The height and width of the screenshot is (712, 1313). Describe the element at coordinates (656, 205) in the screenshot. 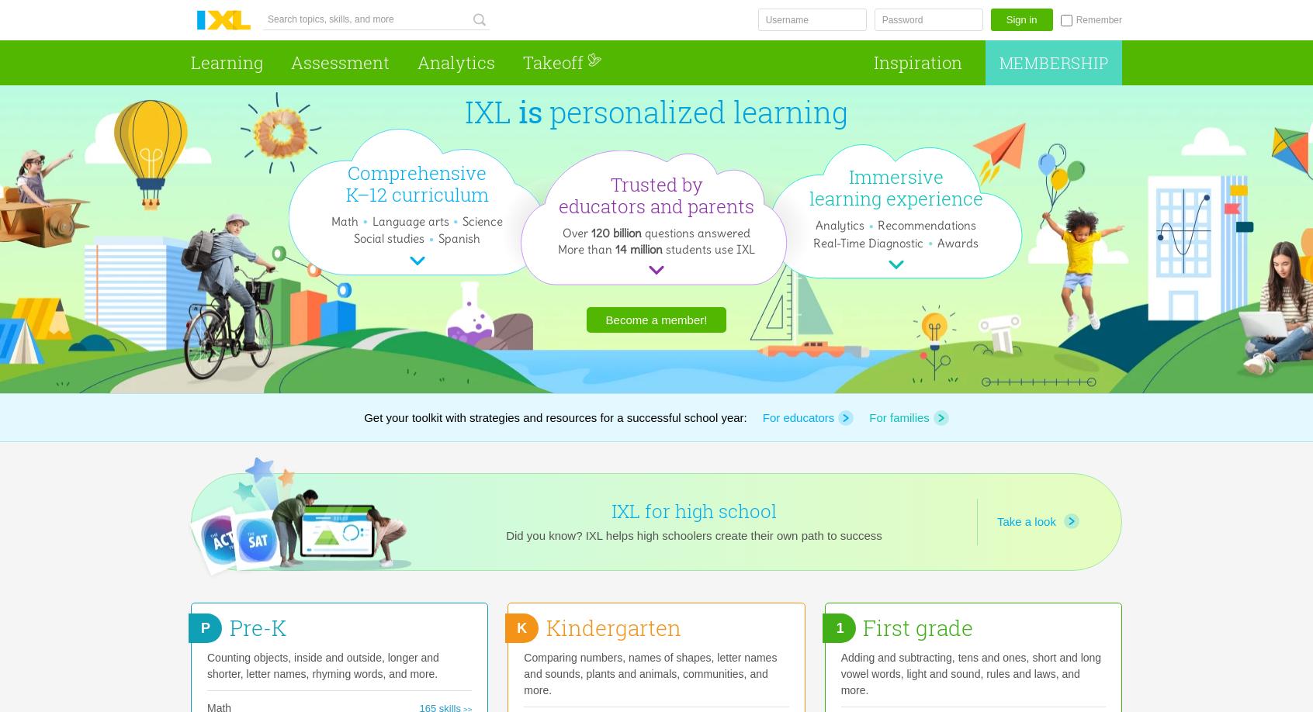

I see `'educators and parents'` at that location.